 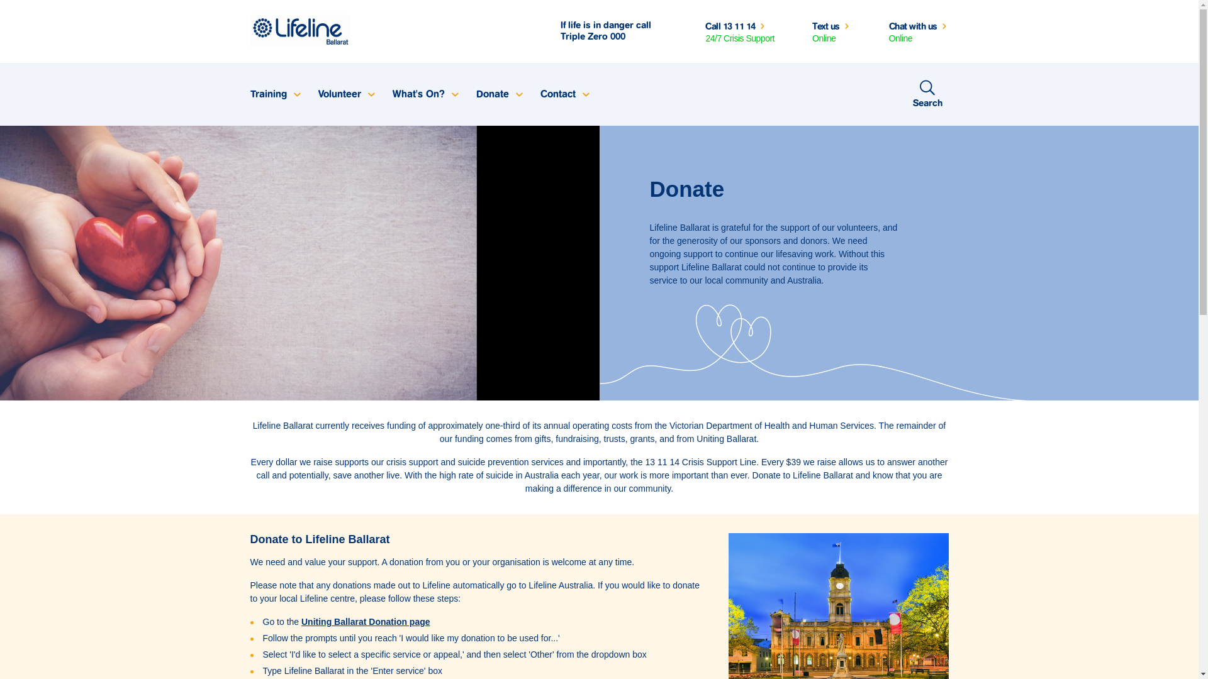 I want to click on 'Contact', so click(x=564, y=94).